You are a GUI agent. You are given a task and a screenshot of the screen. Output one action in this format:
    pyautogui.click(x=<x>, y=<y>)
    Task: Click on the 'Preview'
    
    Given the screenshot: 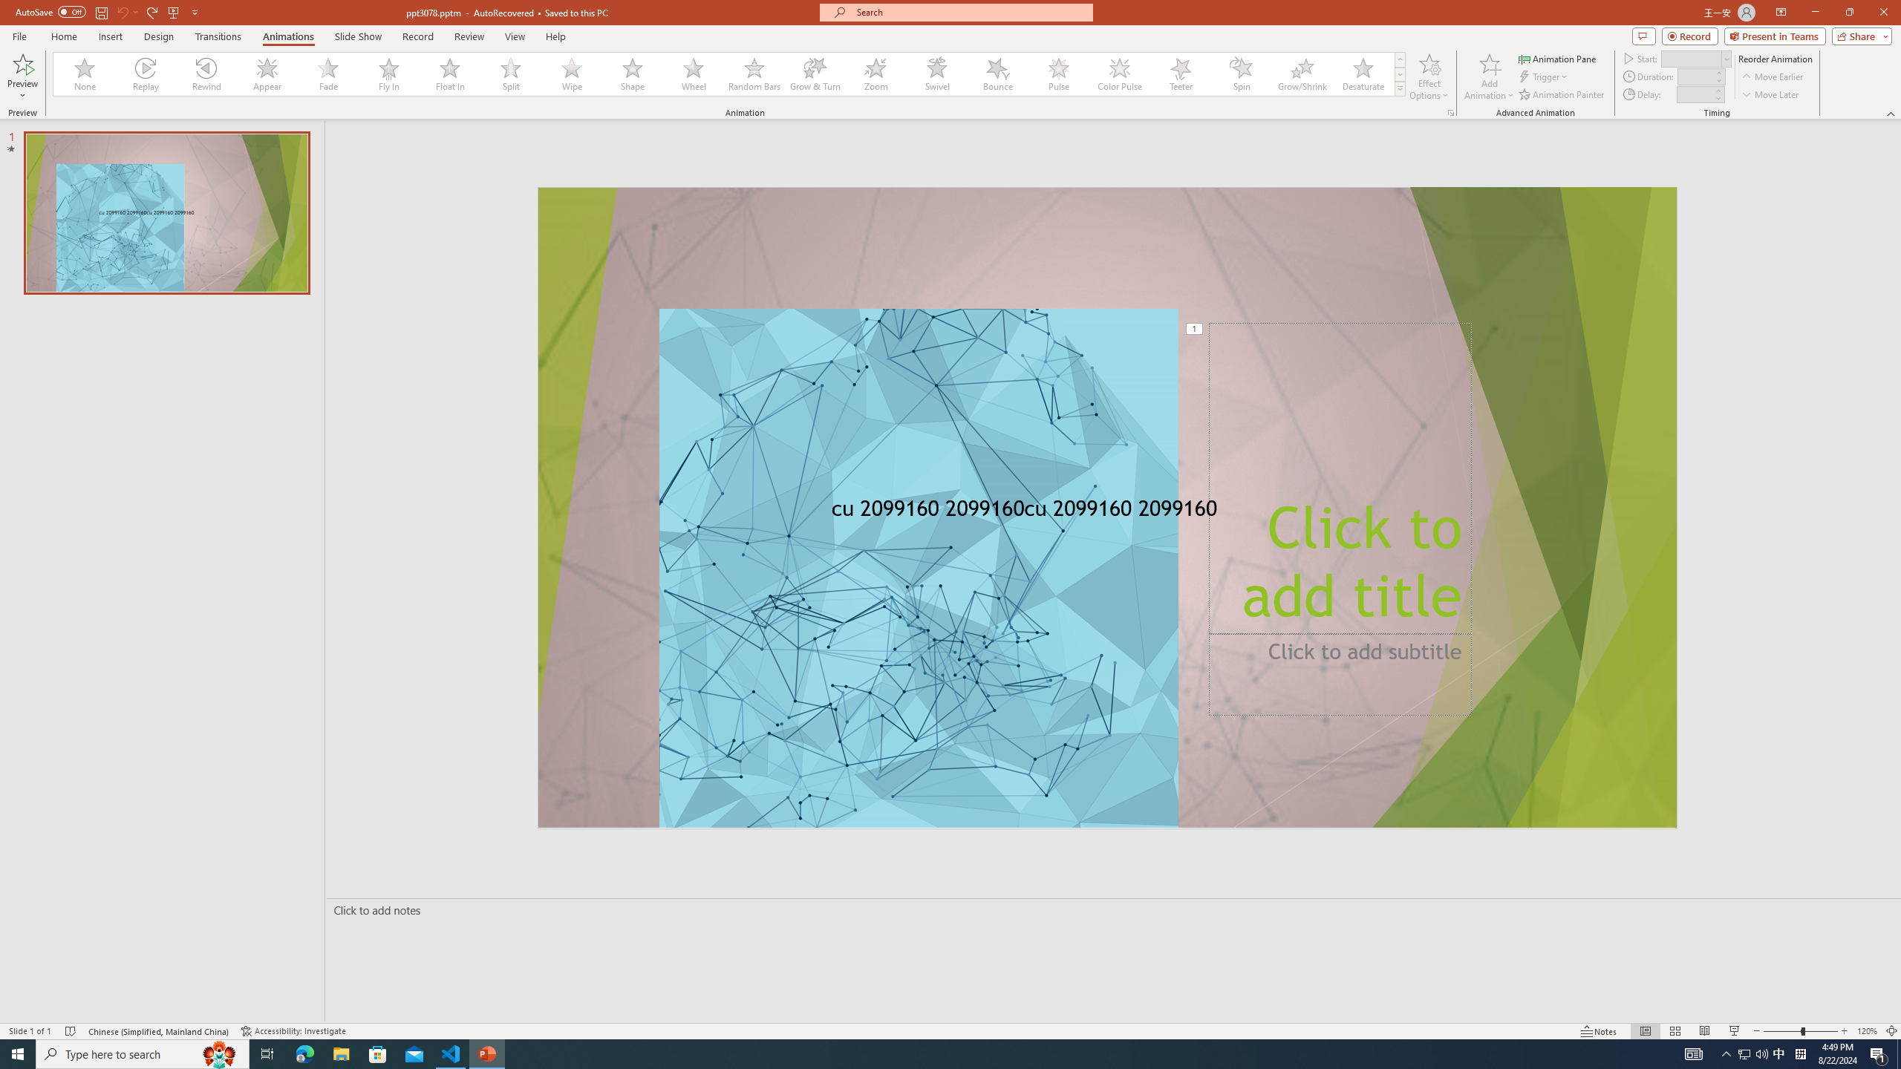 What is the action you would take?
    pyautogui.click(x=22, y=76)
    